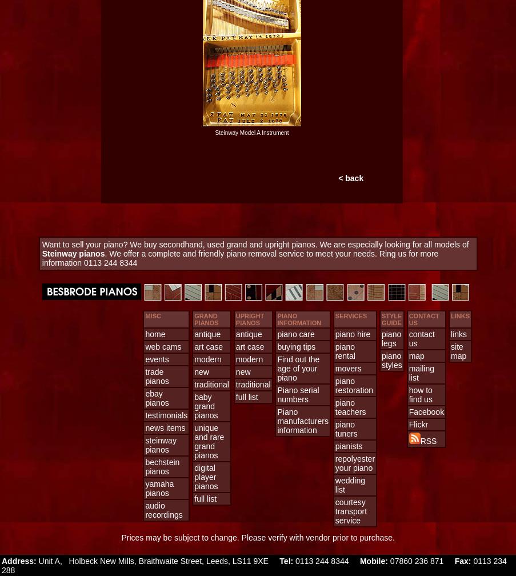  I want to click on 'piano tuners', so click(334, 429).